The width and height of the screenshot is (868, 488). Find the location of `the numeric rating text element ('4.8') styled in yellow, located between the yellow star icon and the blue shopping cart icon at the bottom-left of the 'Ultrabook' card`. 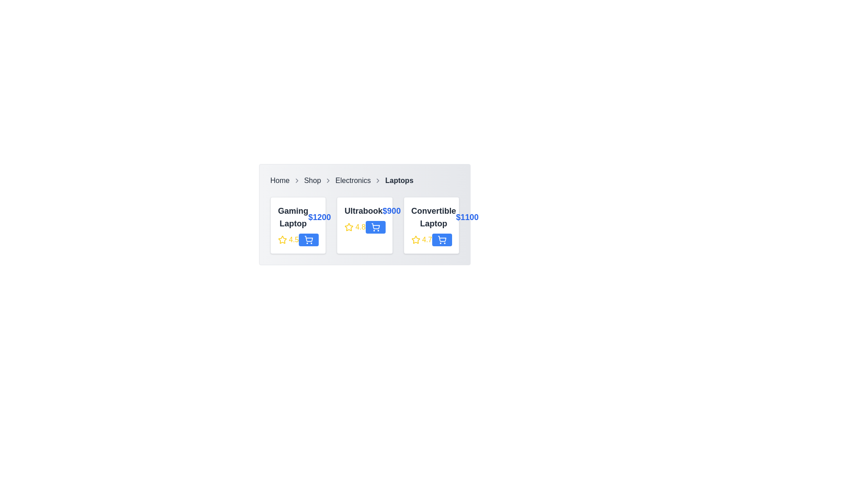

the numeric rating text element ('4.8') styled in yellow, located between the yellow star icon and the blue shopping cart icon at the bottom-left of the 'Ultrabook' card is located at coordinates (364, 226).